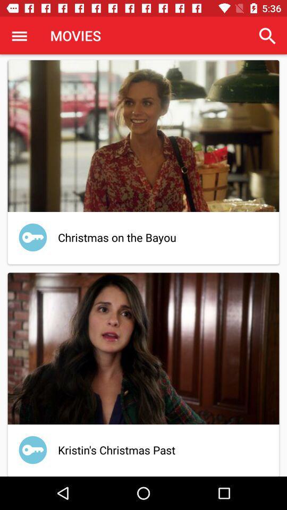 The height and width of the screenshot is (510, 287). I want to click on item at the top right corner, so click(267, 36).